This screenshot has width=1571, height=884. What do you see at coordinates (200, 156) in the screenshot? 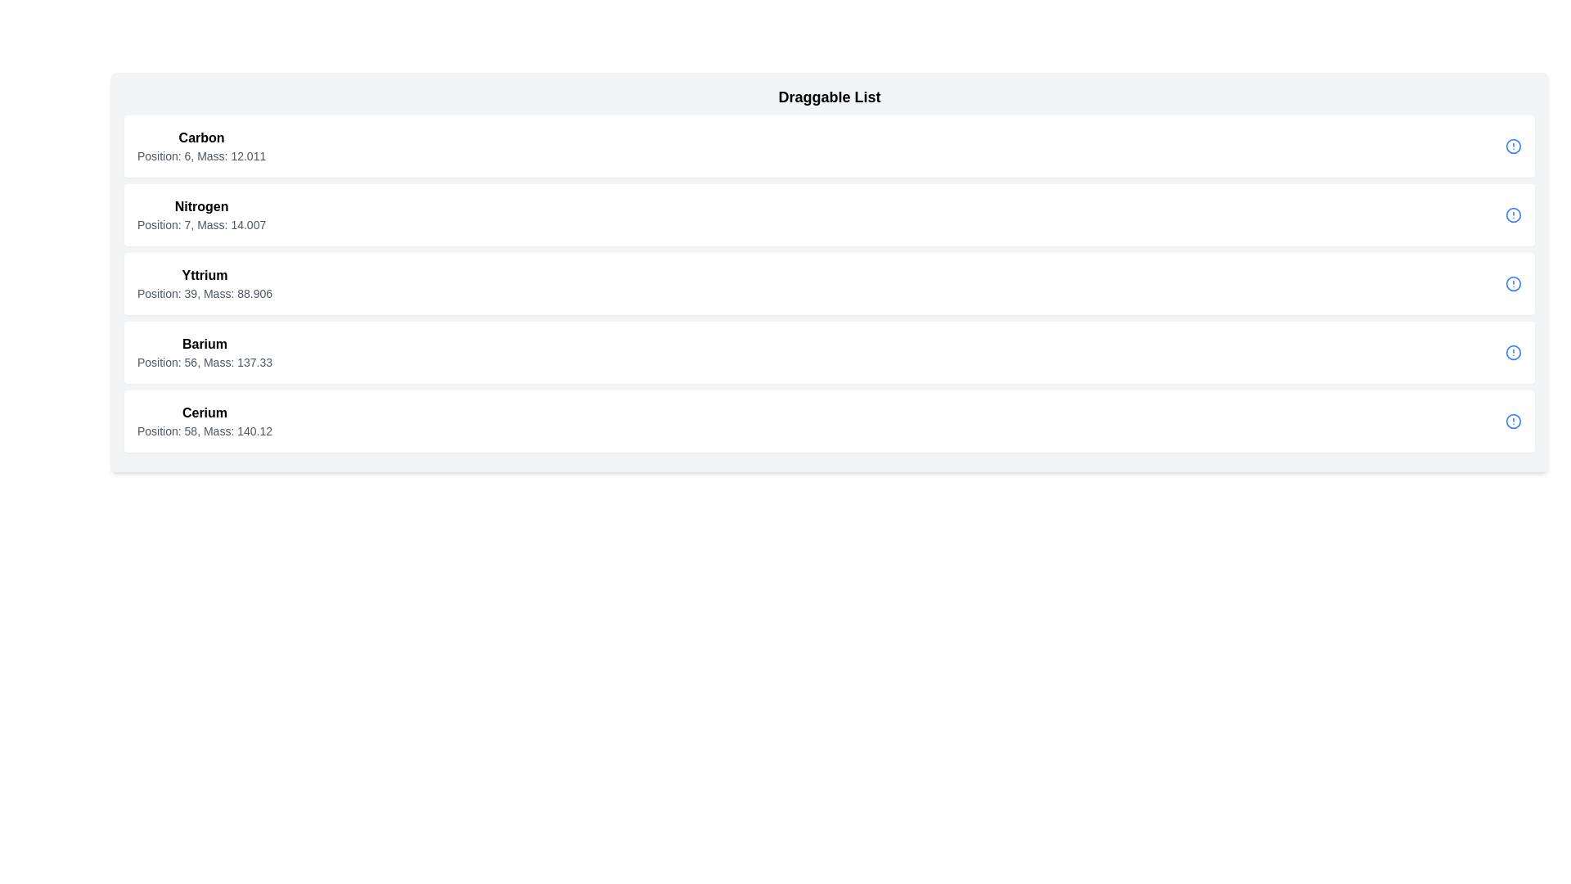
I see `the text display showing 'Position: 6, Mass: 12.011' located directly beneath the bold name 'Carbon' in the topmost entry of the list` at bounding box center [200, 156].